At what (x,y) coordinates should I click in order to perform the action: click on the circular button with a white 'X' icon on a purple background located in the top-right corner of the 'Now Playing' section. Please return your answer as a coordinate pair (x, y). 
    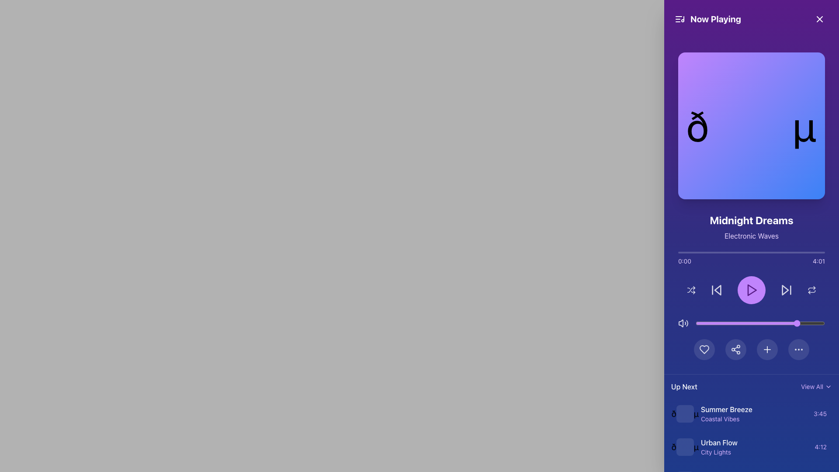
    Looking at the image, I should click on (819, 19).